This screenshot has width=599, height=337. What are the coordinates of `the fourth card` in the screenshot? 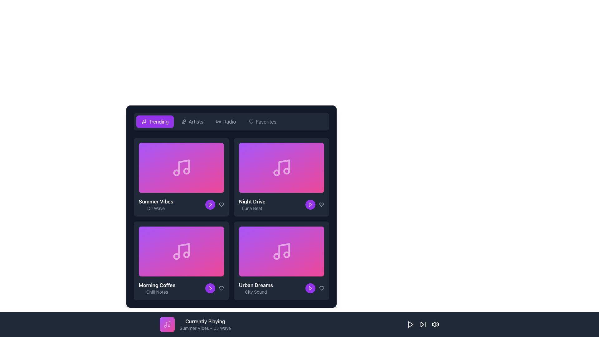 It's located at (281, 261).